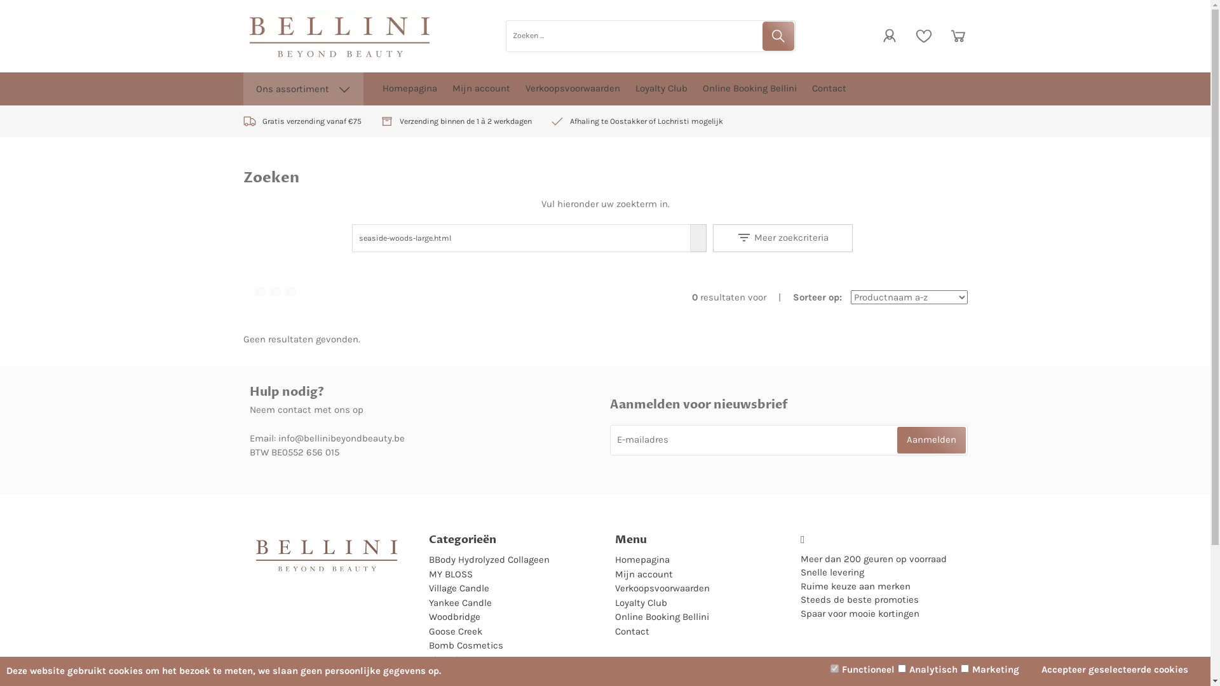 The width and height of the screenshot is (1220, 686). I want to click on 'Contact', so click(804, 88).